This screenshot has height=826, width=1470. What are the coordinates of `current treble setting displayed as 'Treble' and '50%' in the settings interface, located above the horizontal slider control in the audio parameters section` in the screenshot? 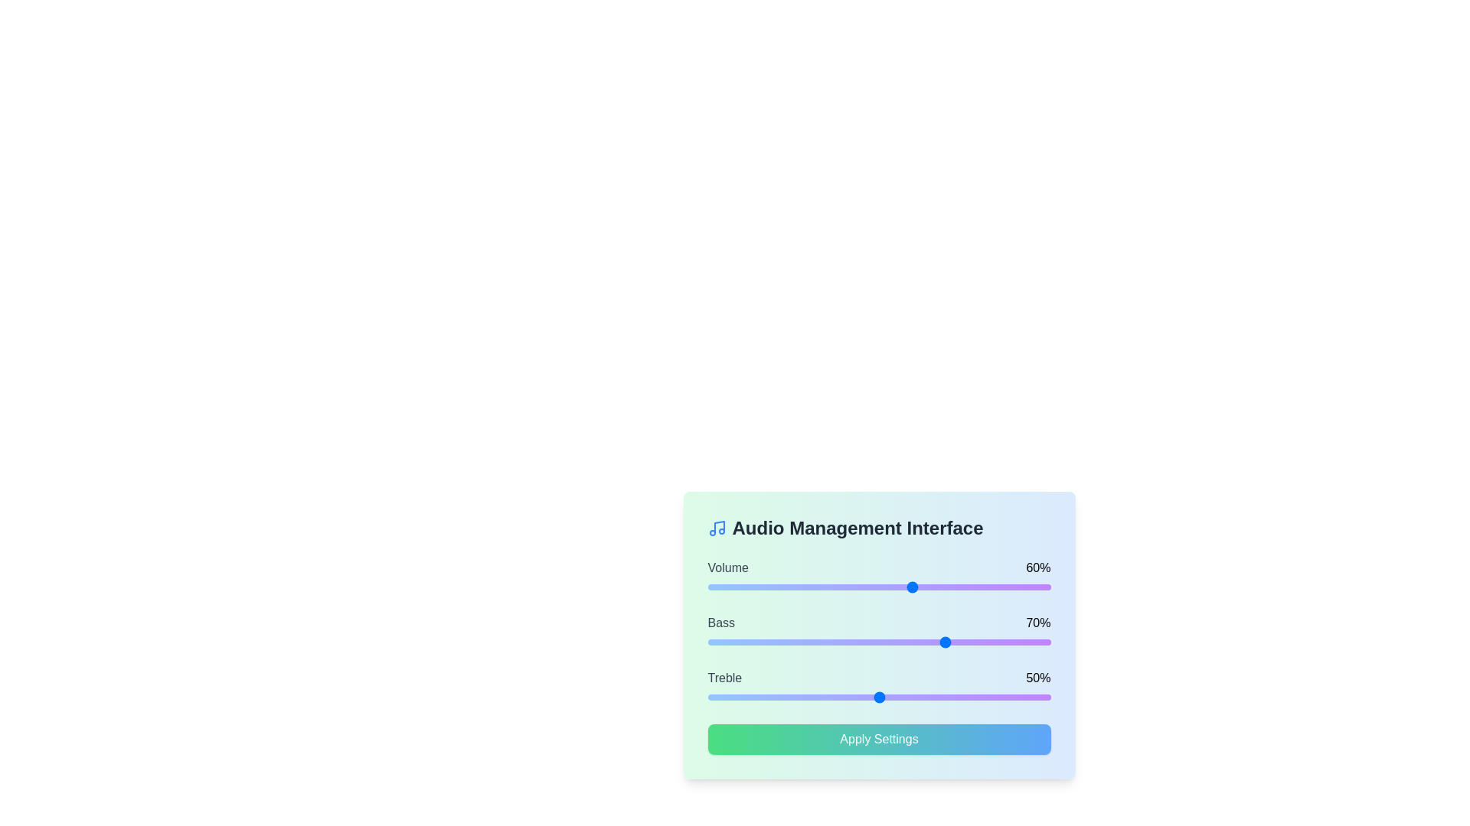 It's located at (879, 678).